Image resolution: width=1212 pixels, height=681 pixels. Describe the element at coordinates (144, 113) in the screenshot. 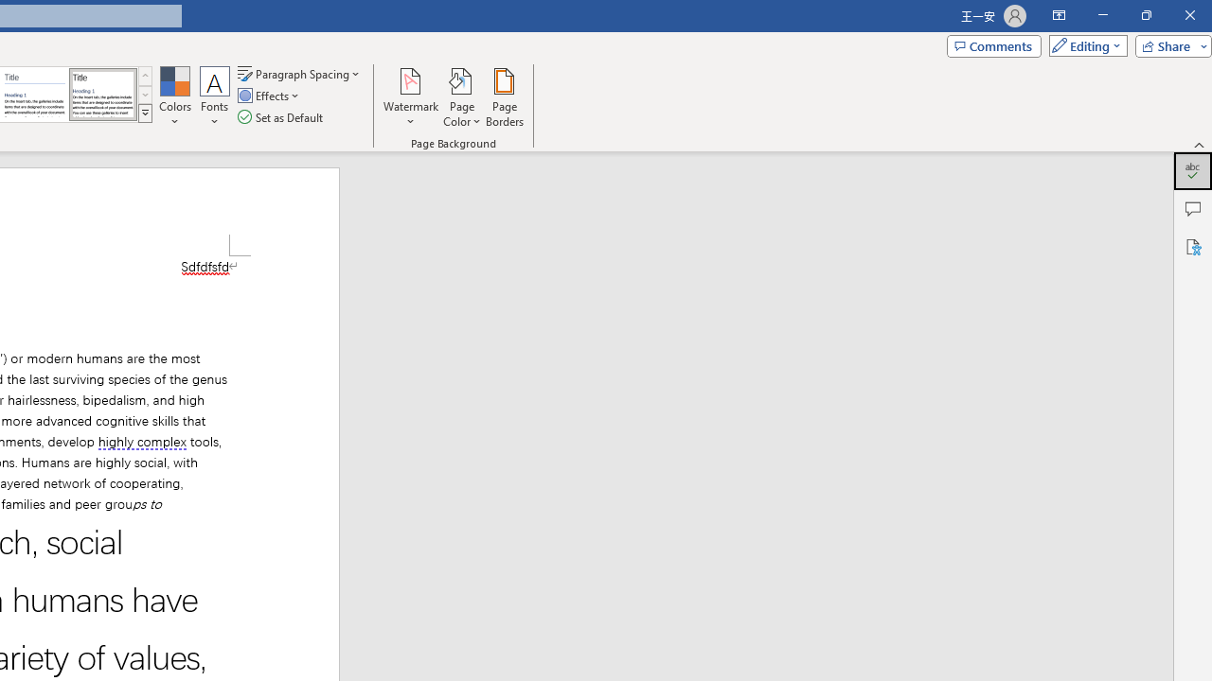

I see `'Style Set'` at that location.